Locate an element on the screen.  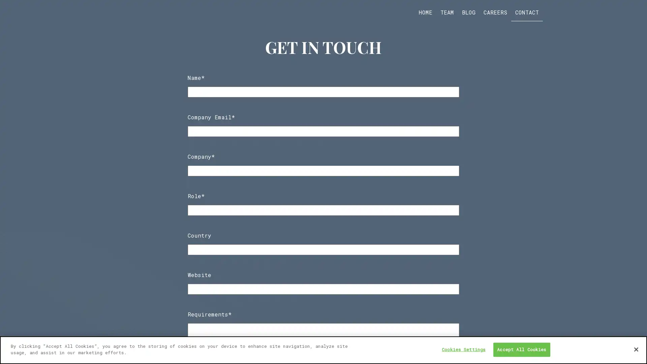
Accept All Cookies is located at coordinates (521, 349).